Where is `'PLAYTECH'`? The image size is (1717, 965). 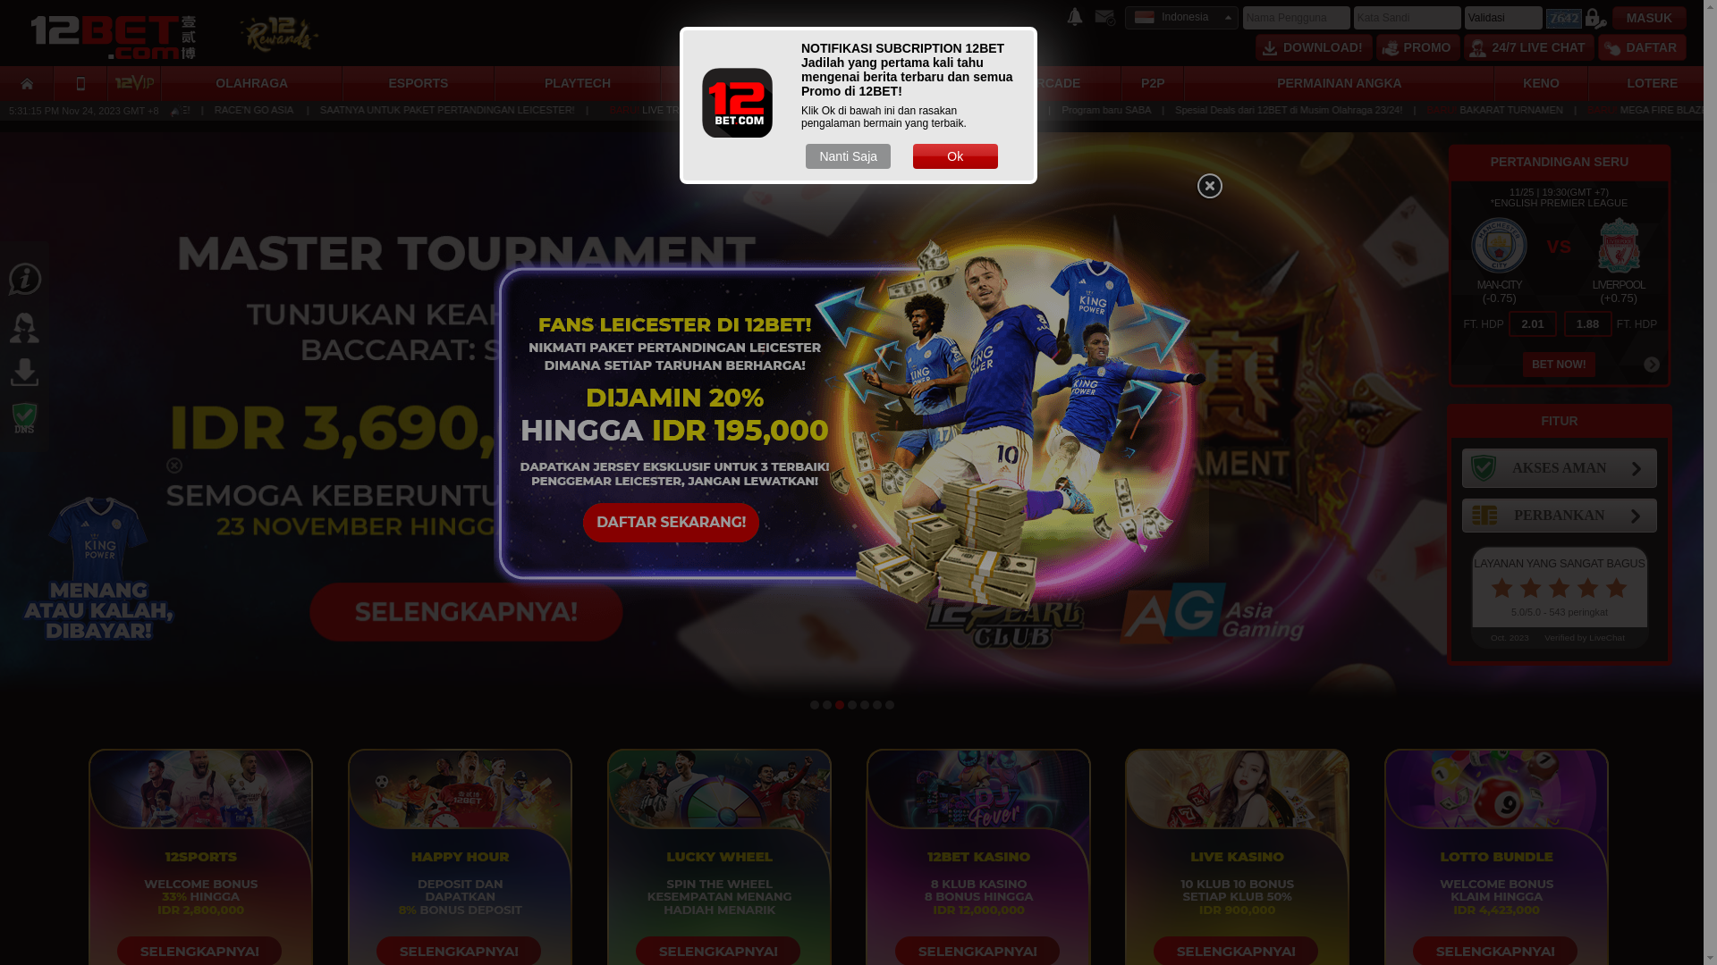 'PLAYTECH' is located at coordinates (578, 83).